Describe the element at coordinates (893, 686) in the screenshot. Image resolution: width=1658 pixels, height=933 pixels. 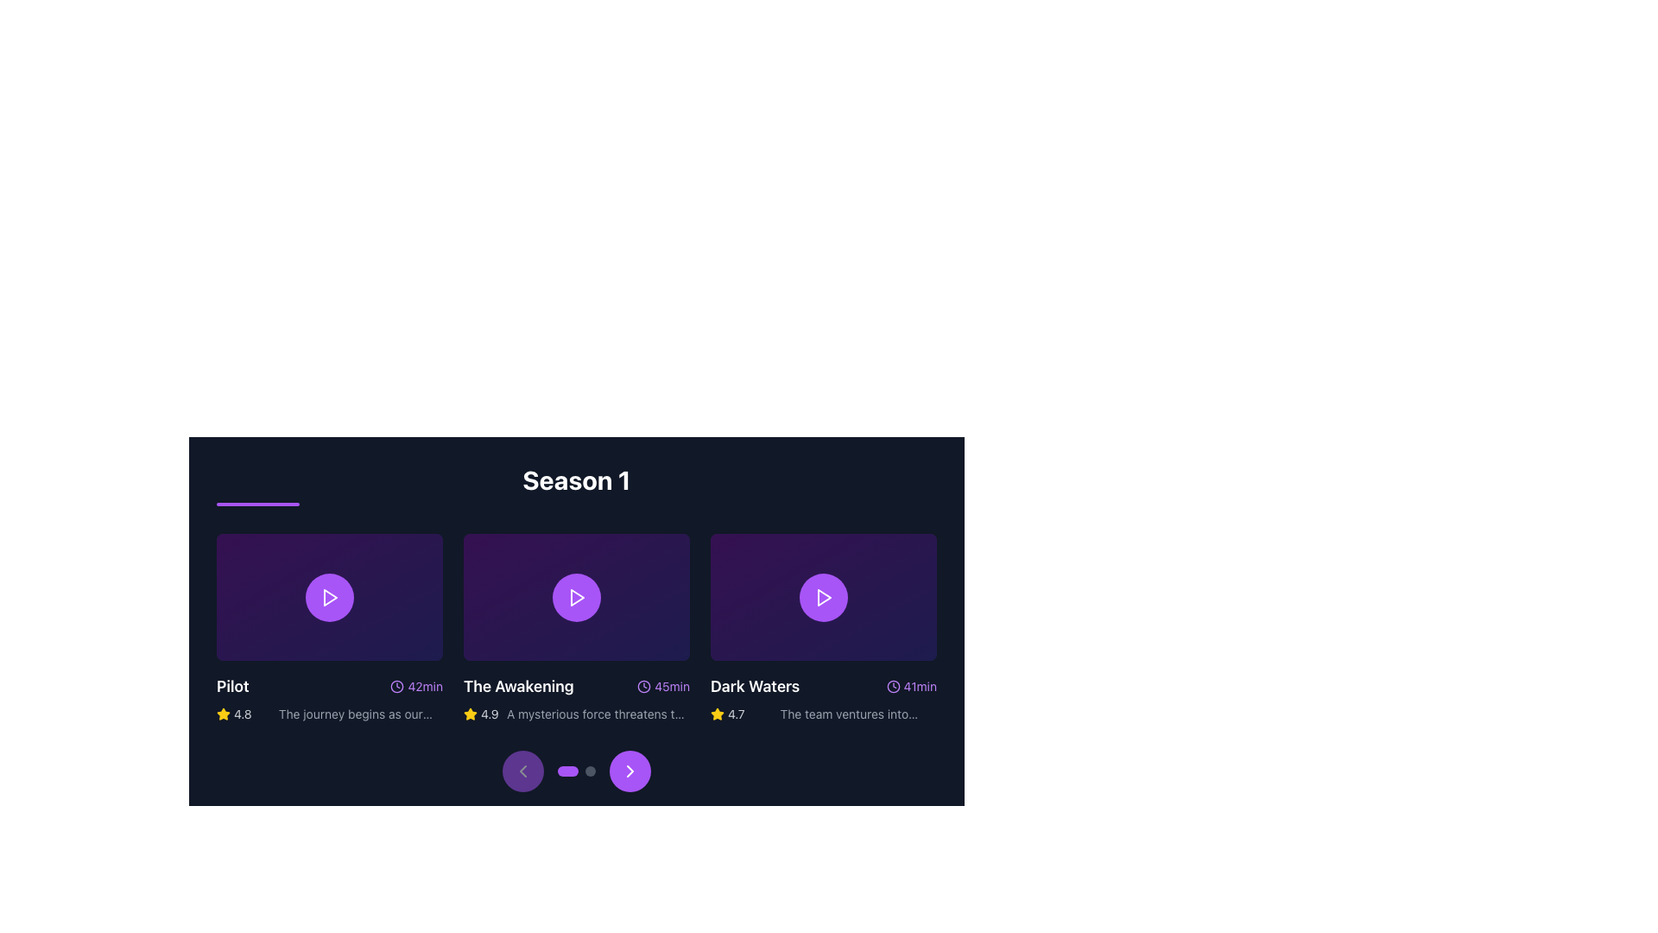
I see `the clock icon, which is a minimalist design with two hands pointing inward, located to the left of the text '41min' under the 'Dark Waters' section` at that location.